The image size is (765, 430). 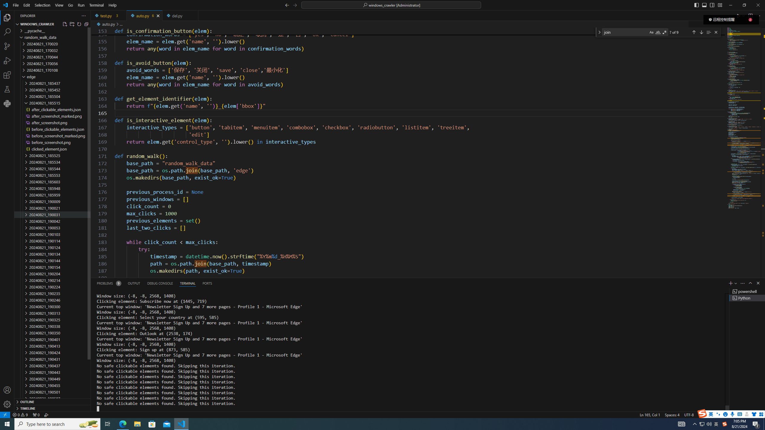 I want to click on 'Go Back (Alt+LeftArrow)', so click(x=287, y=4).